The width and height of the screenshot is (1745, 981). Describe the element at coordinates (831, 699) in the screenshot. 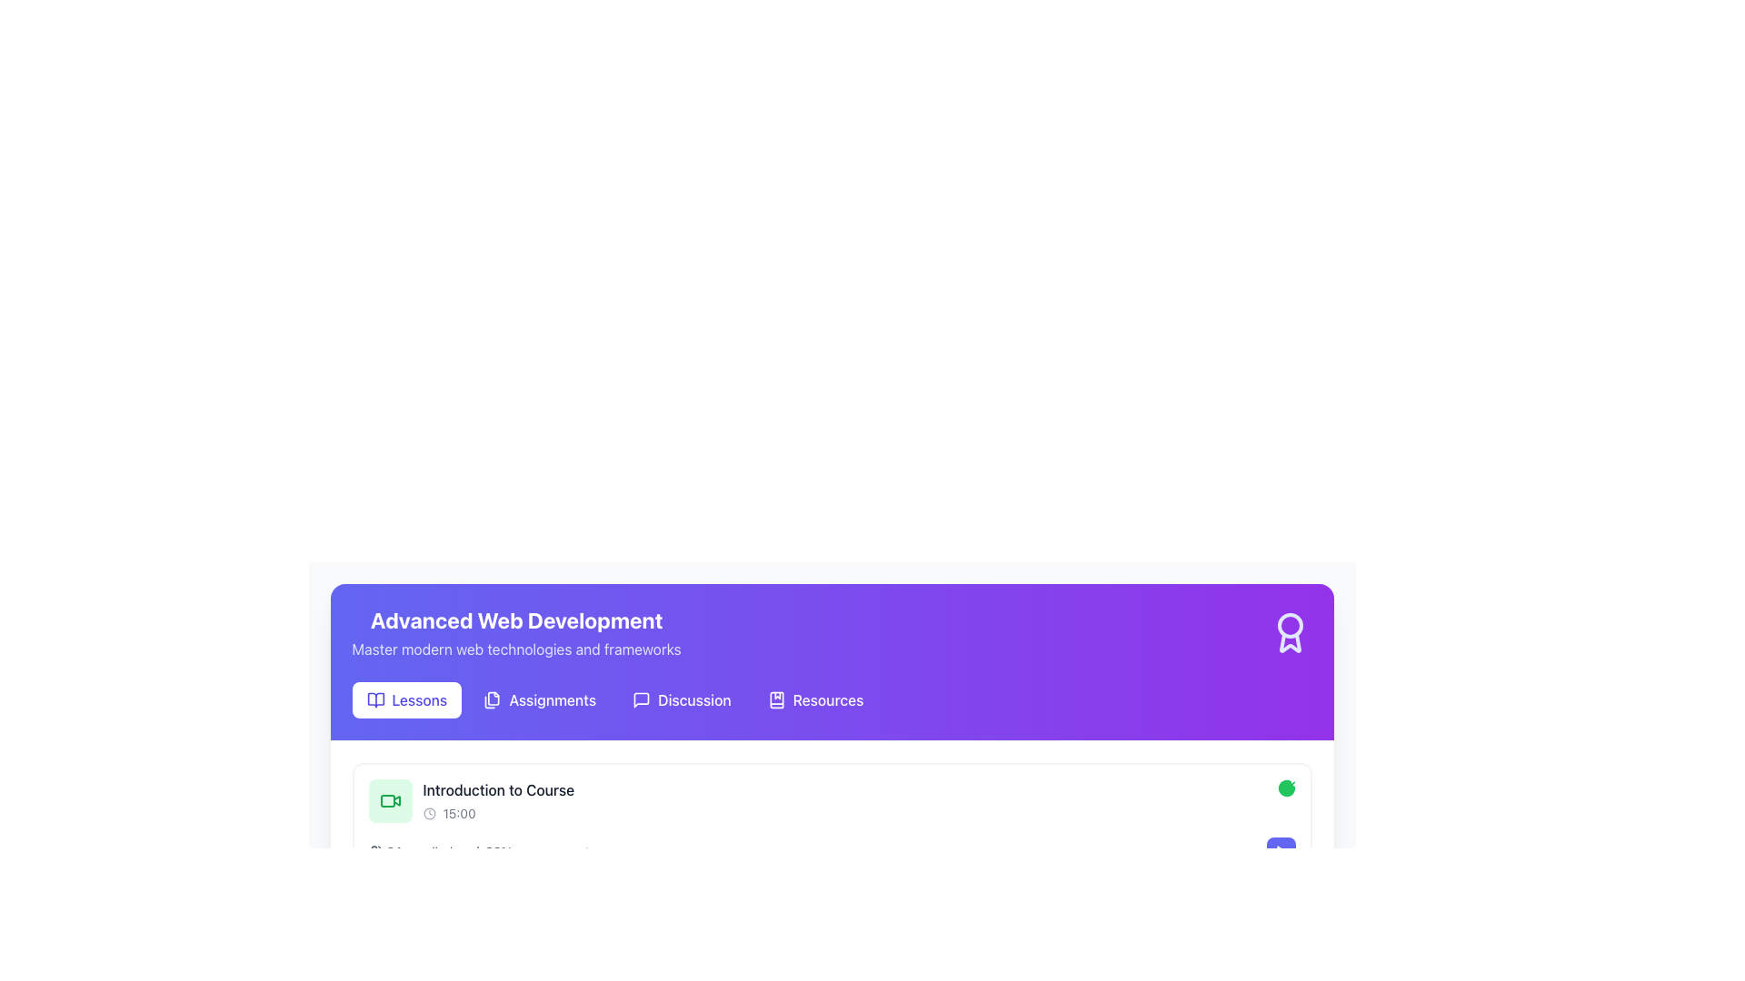

I see `the 'Resources' label in the Navigation bar located at the bottom of the 'Advanced Web Development' header section` at that location.